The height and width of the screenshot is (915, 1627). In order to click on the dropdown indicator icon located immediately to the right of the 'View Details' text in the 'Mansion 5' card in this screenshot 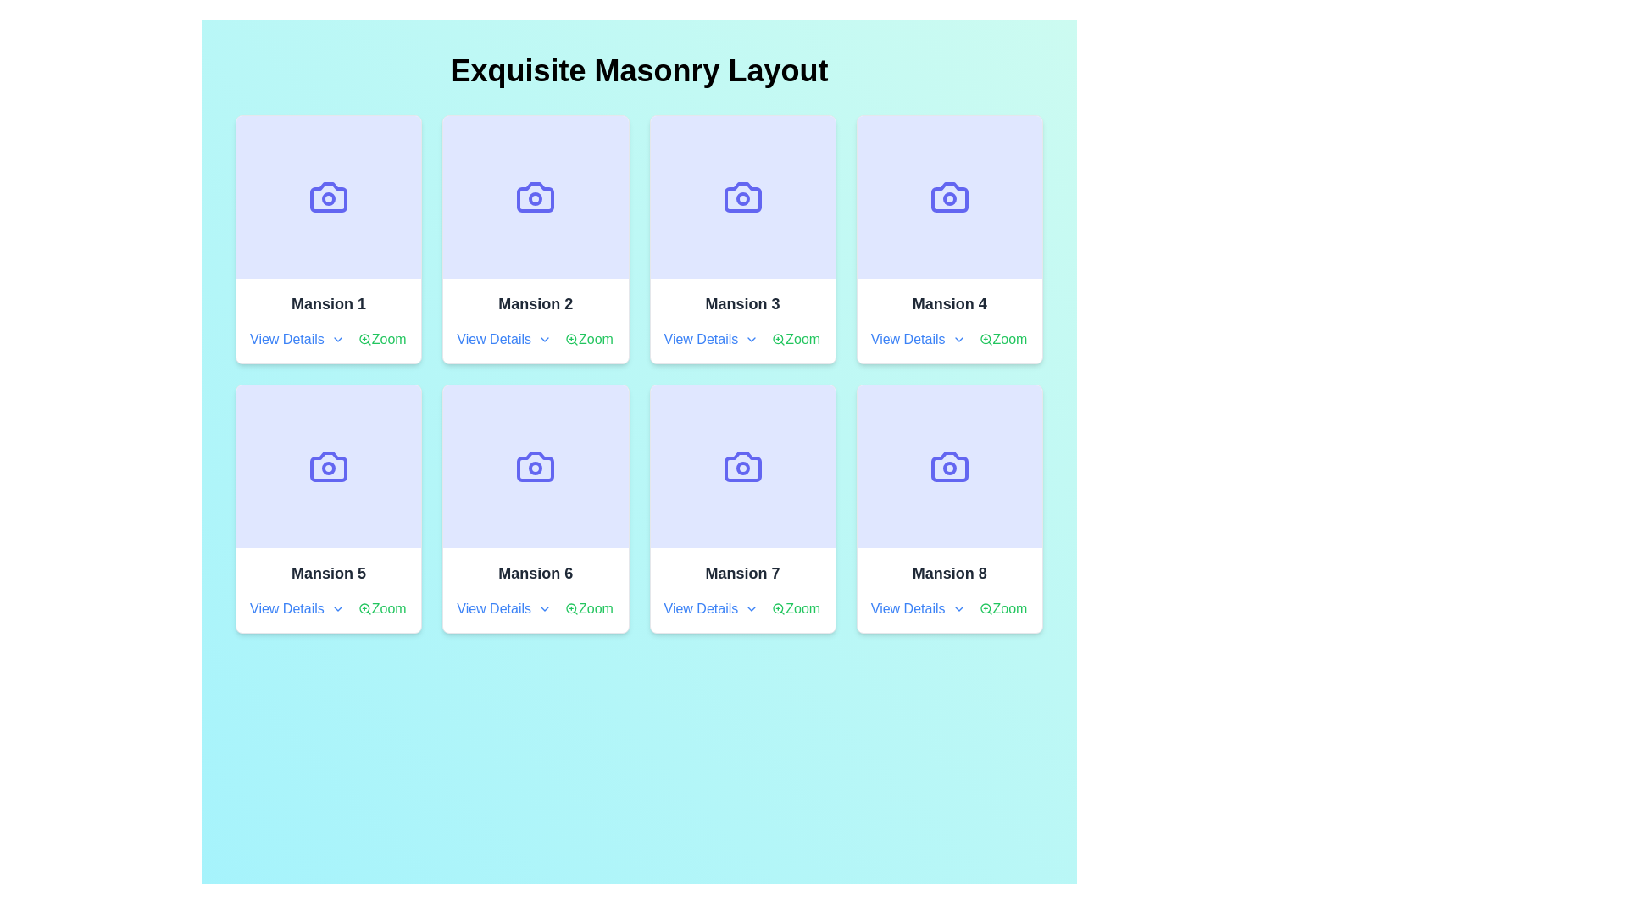, I will do `click(337, 607)`.